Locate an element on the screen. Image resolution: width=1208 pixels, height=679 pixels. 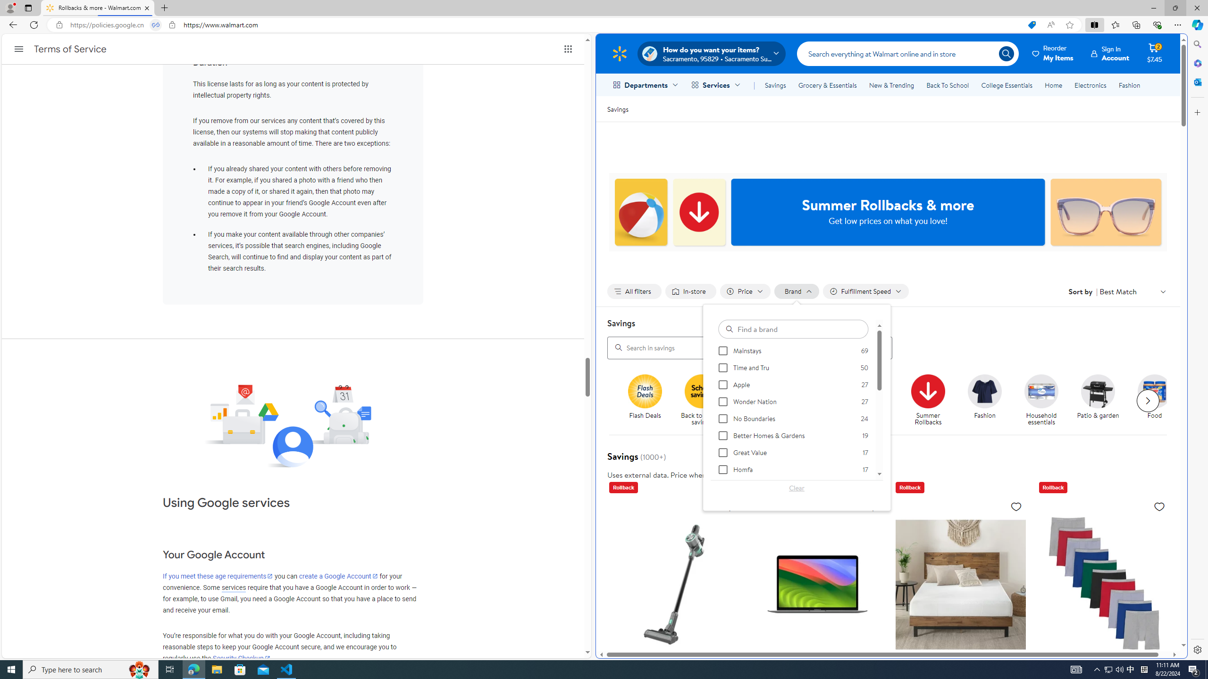
'Rollbacks & more - Walmart.com' is located at coordinates (98, 8).